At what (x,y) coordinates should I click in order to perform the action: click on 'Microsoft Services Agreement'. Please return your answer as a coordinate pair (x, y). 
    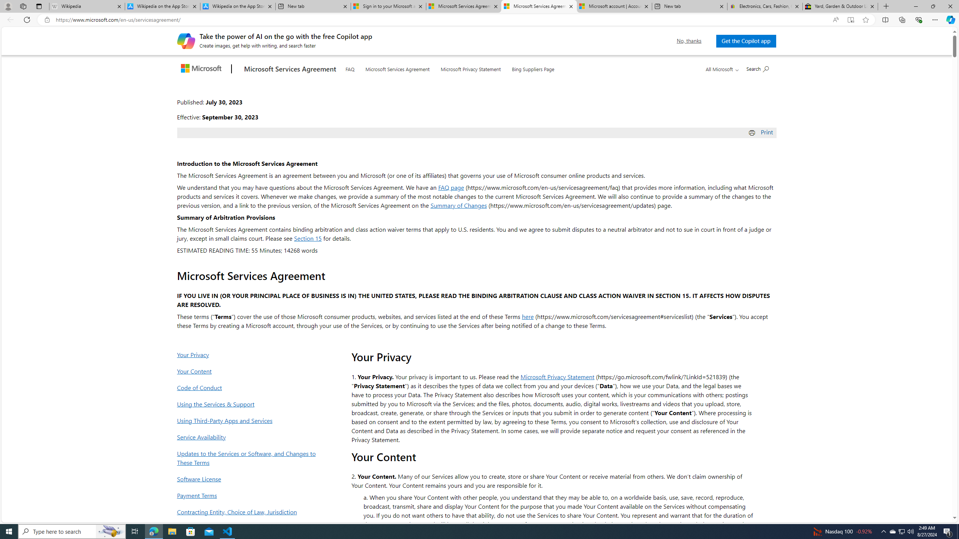
    Looking at the image, I should click on (397, 67).